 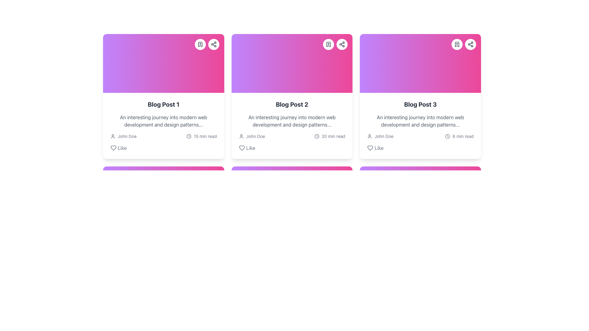 What do you see at coordinates (241, 148) in the screenshot?
I see `the heart-shaped icon button located in the bottom left section of the second card in a three-card layout to like the post` at bounding box center [241, 148].